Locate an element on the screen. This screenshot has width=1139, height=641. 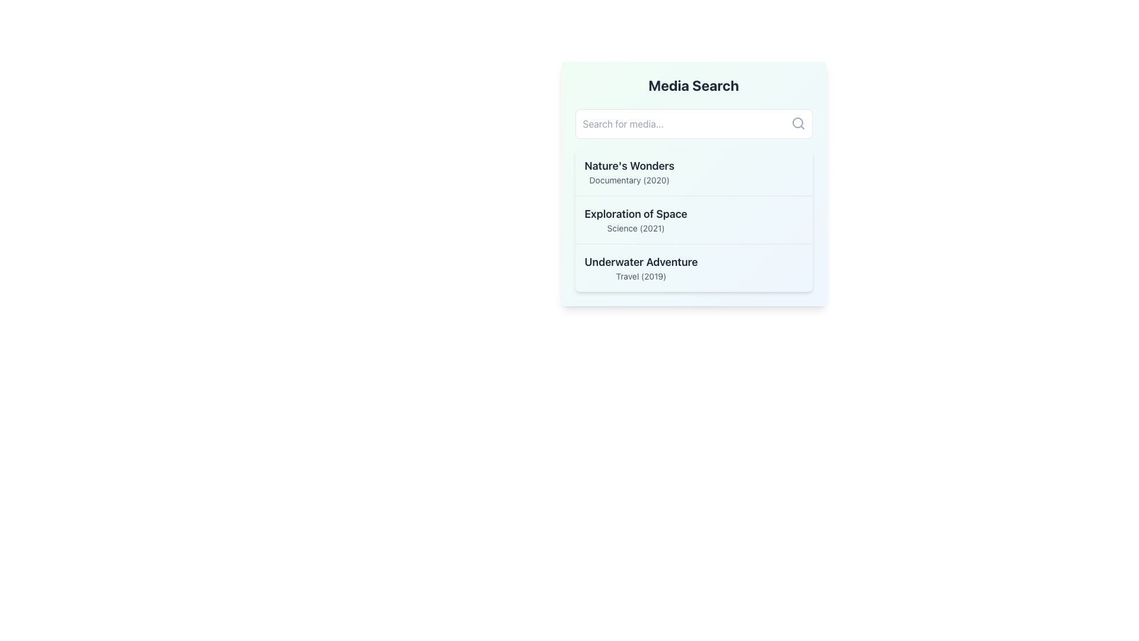
the third item in the media search list, which is likely titled 'Underwater Adventure' is located at coordinates (693, 268).